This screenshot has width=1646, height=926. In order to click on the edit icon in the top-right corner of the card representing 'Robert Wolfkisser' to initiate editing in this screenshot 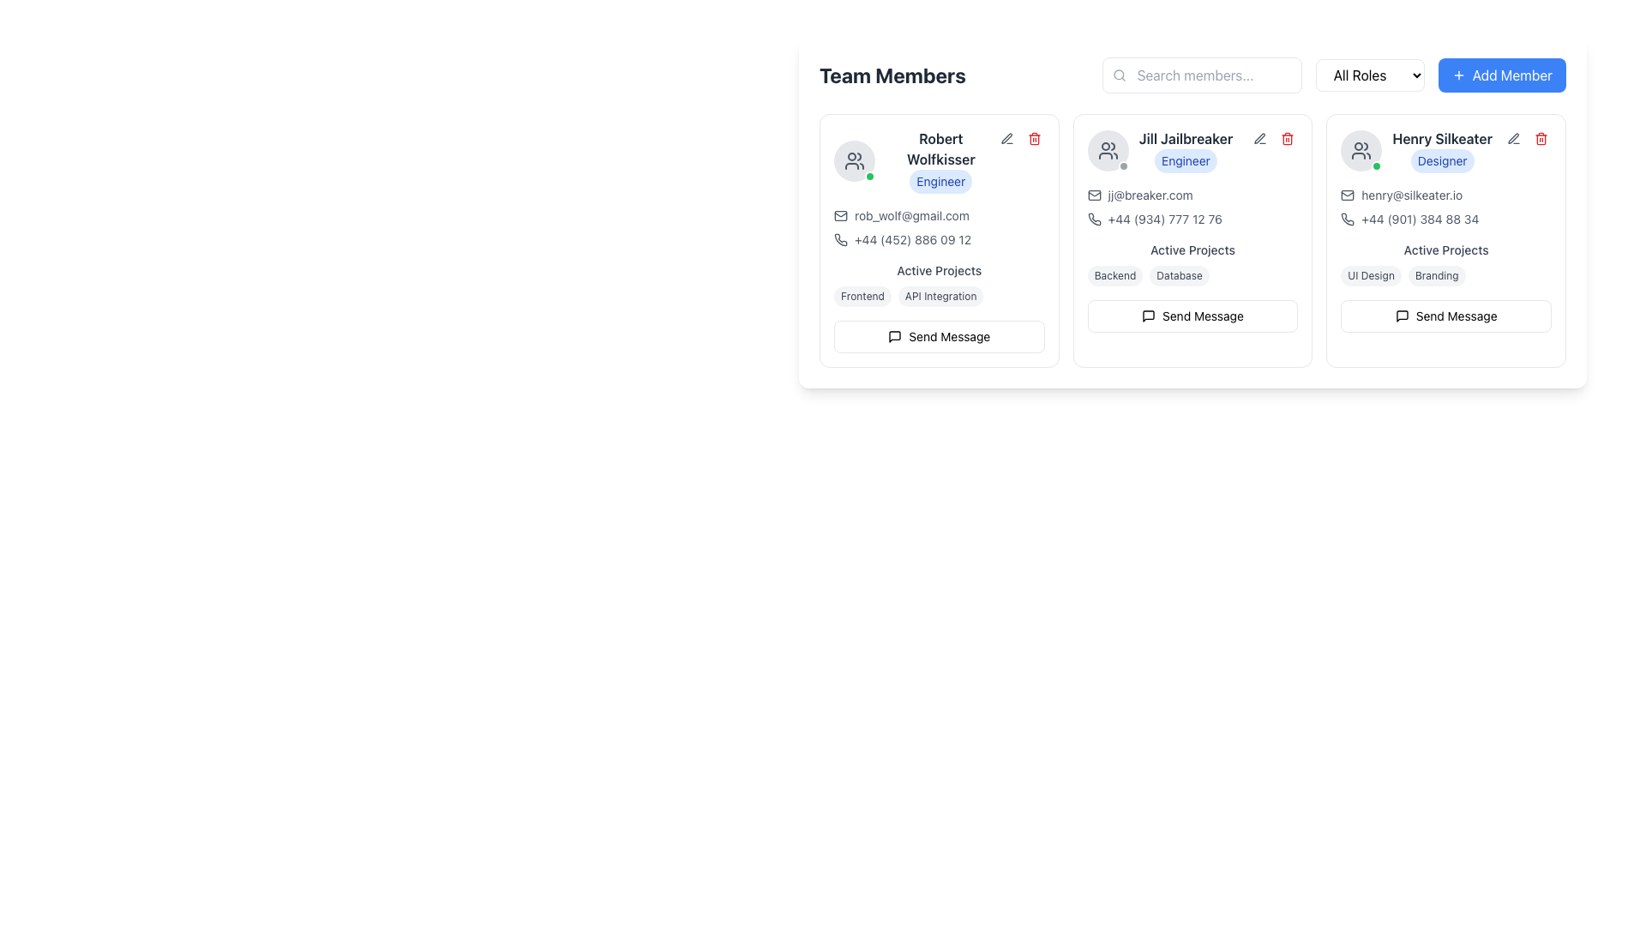, I will do `click(1006, 138)`.